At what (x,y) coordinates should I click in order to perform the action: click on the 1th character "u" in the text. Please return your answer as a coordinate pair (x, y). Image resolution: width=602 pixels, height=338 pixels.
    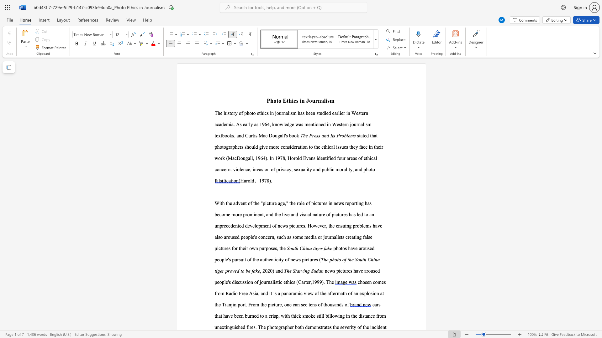
    Looking at the image, I should click on (248, 316).